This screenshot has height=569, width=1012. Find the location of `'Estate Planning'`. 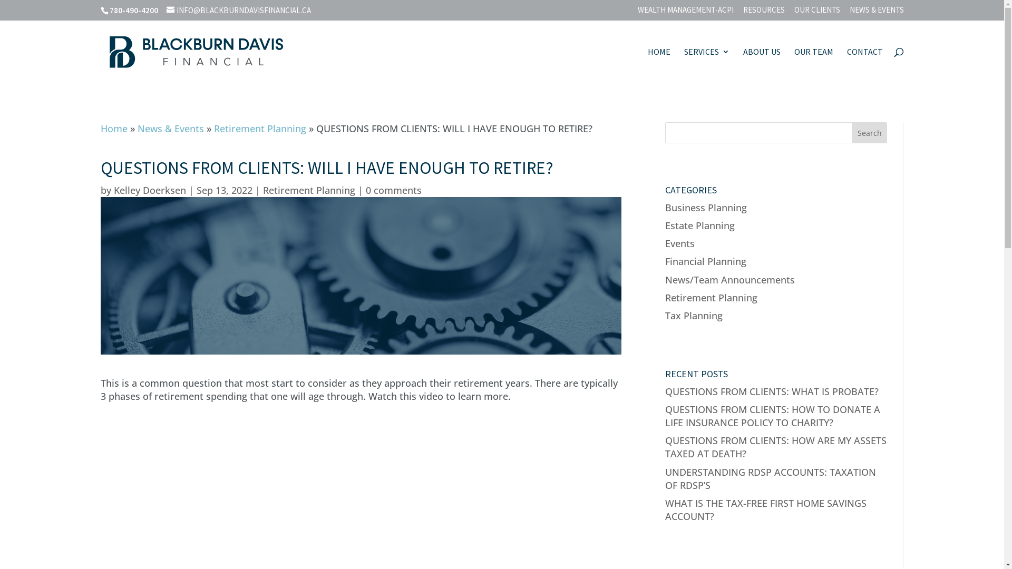

'Estate Planning' is located at coordinates (700, 225).